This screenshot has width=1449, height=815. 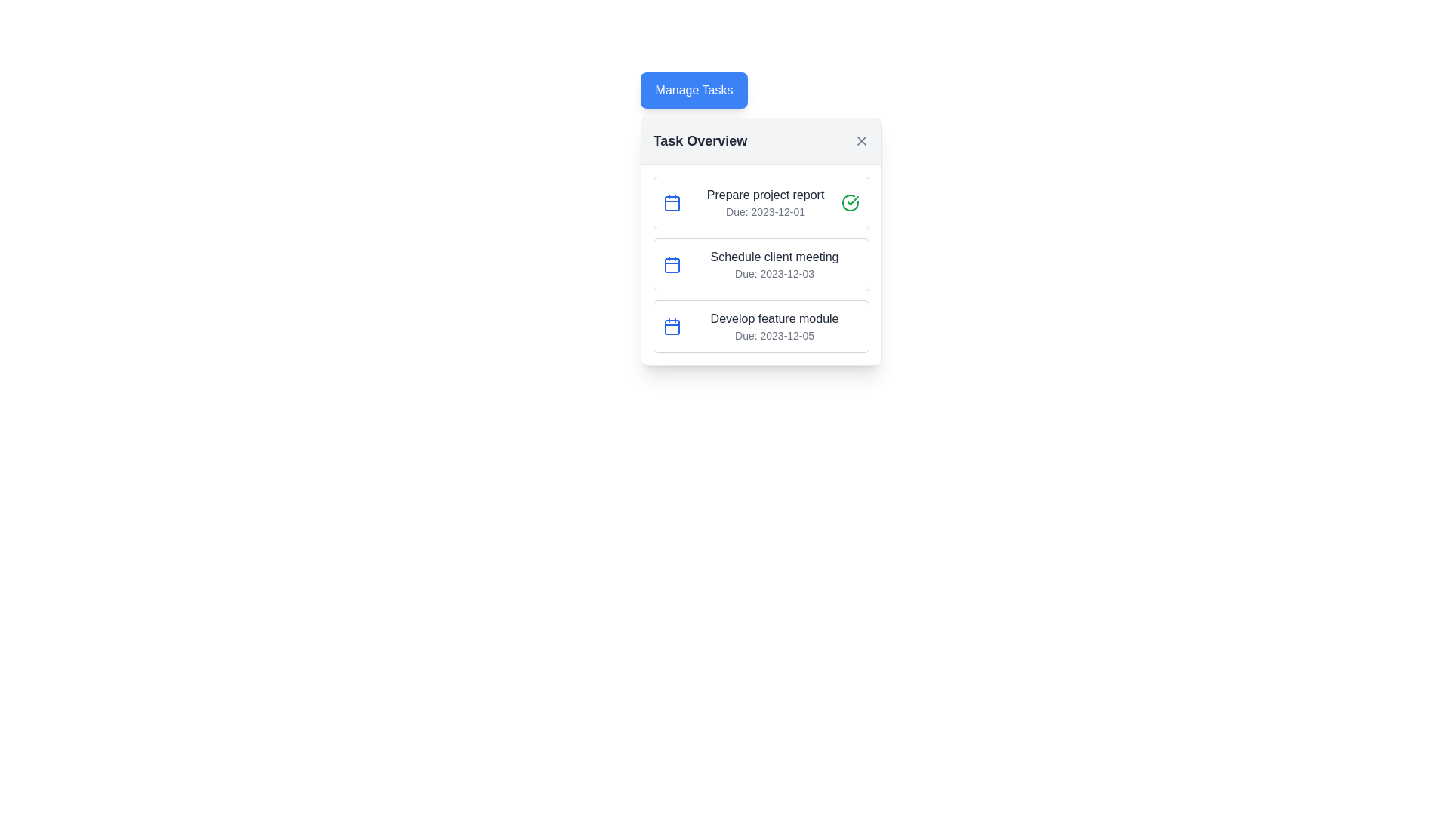 What do you see at coordinates (774, 318) in the screenshot?
I see `the title text for the third task entry in the 'Task Overview' section, which provides a quick summary of the task's objective` at bounding box center [774, 318].